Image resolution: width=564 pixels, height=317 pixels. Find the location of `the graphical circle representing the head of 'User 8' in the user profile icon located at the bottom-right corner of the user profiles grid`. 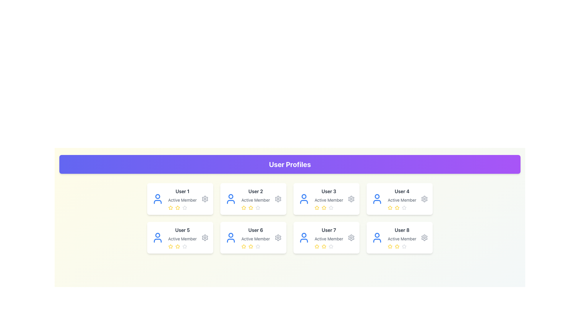

the graphical circle representing the head of 'User 8' in the user profile icon located at the bottom-right corner of the user profiles grid is located at coordinates (377, 235).